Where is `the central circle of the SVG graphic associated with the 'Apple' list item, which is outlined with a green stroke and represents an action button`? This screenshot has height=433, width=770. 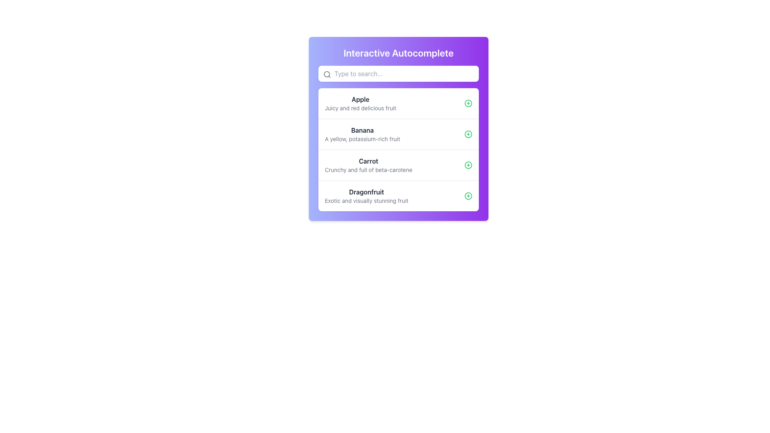
the central circle of the SVG graphic associated with the 'Apple' list item, which is outlined with a green stroke and represents an action button is located at coordinates (468, 103).